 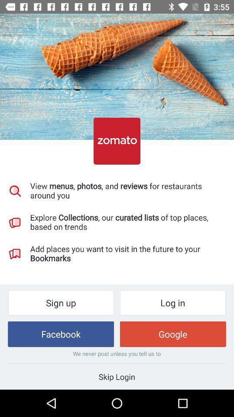 I want to click on icon to the left of log in item, so click(x=60, y=303).